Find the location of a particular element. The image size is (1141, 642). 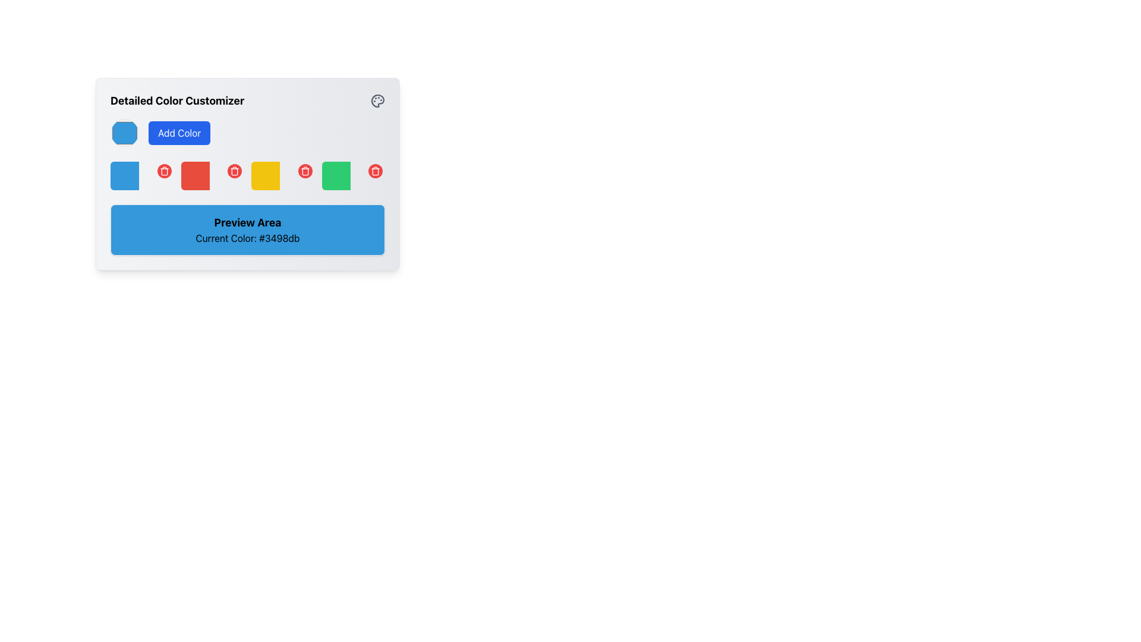

the text label displaying 'Current Color: #3498db', which is centrally aligned within a blue background, located below the 'Preview Area' text is located at coordinates (247, 238).